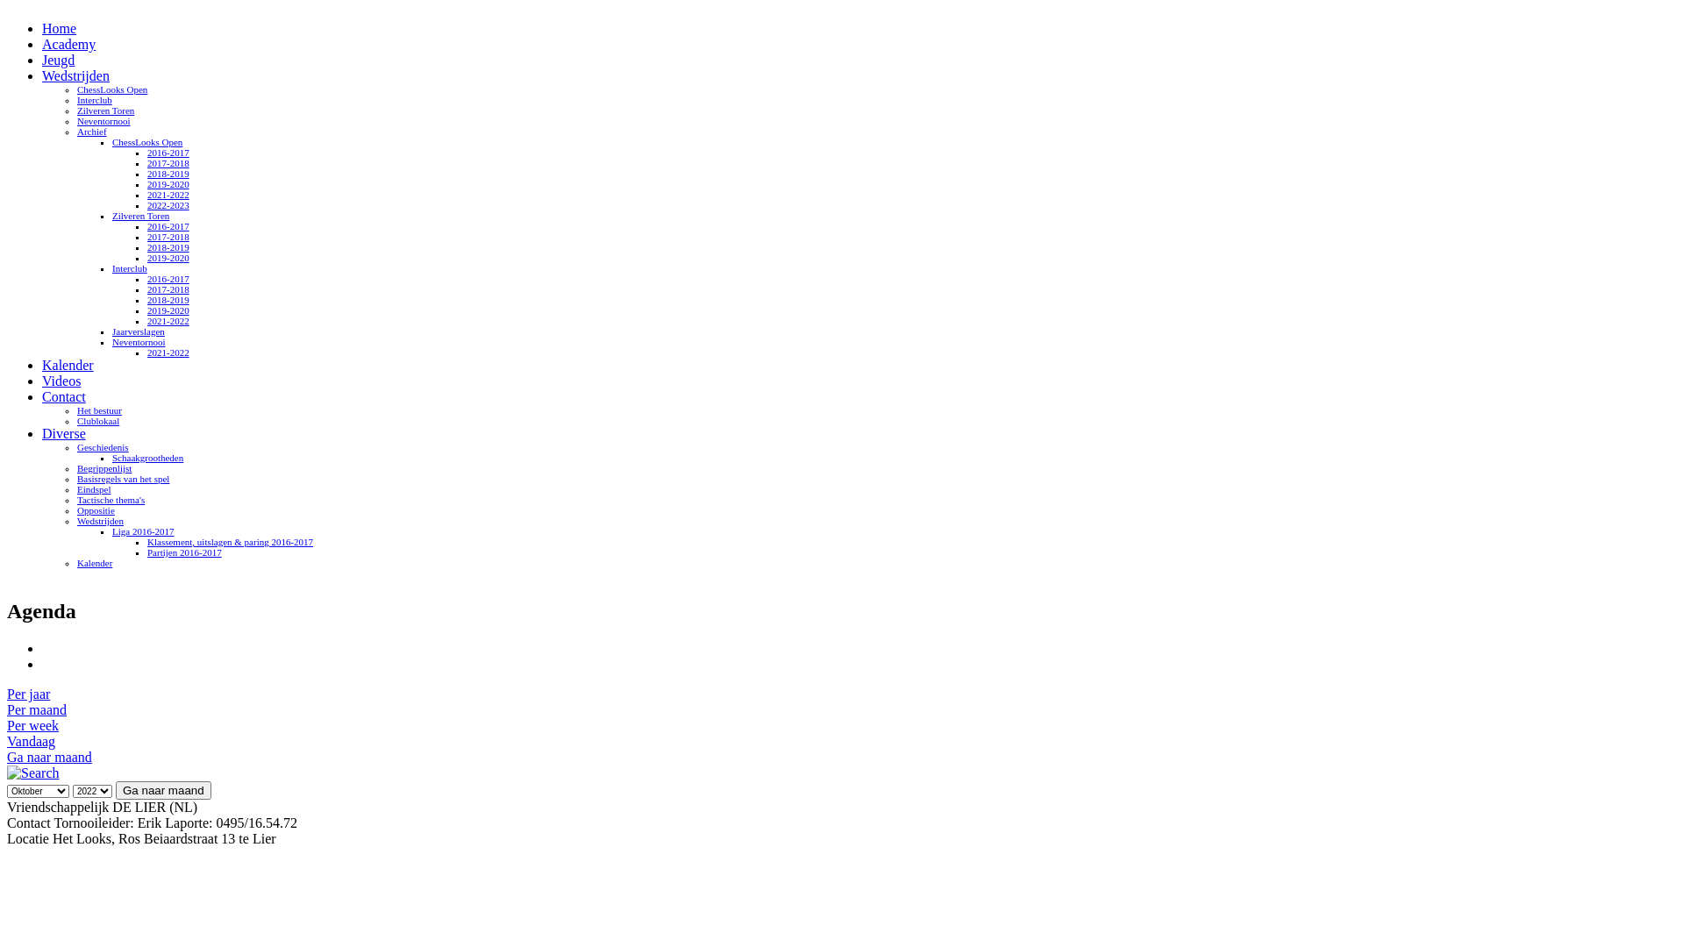 The width and height of the screenshot is (1684, 947). I want to click on 'Begrippenlijst', so click(75, 466).